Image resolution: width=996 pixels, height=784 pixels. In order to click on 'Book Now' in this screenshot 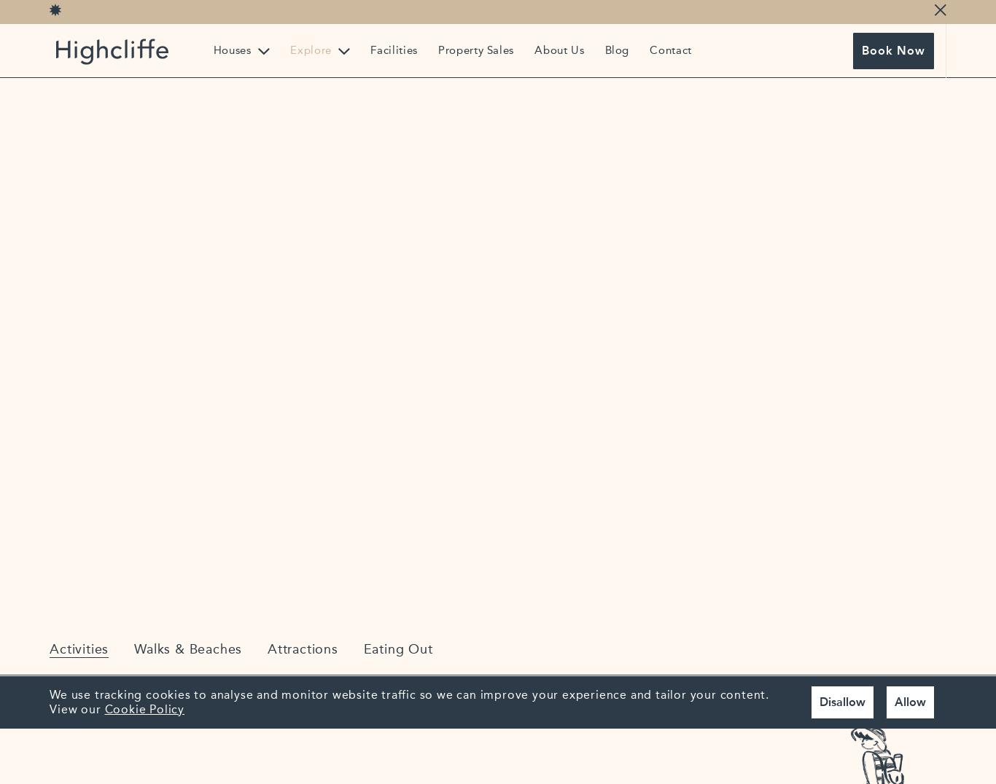, I will do `click(893, 50)`.